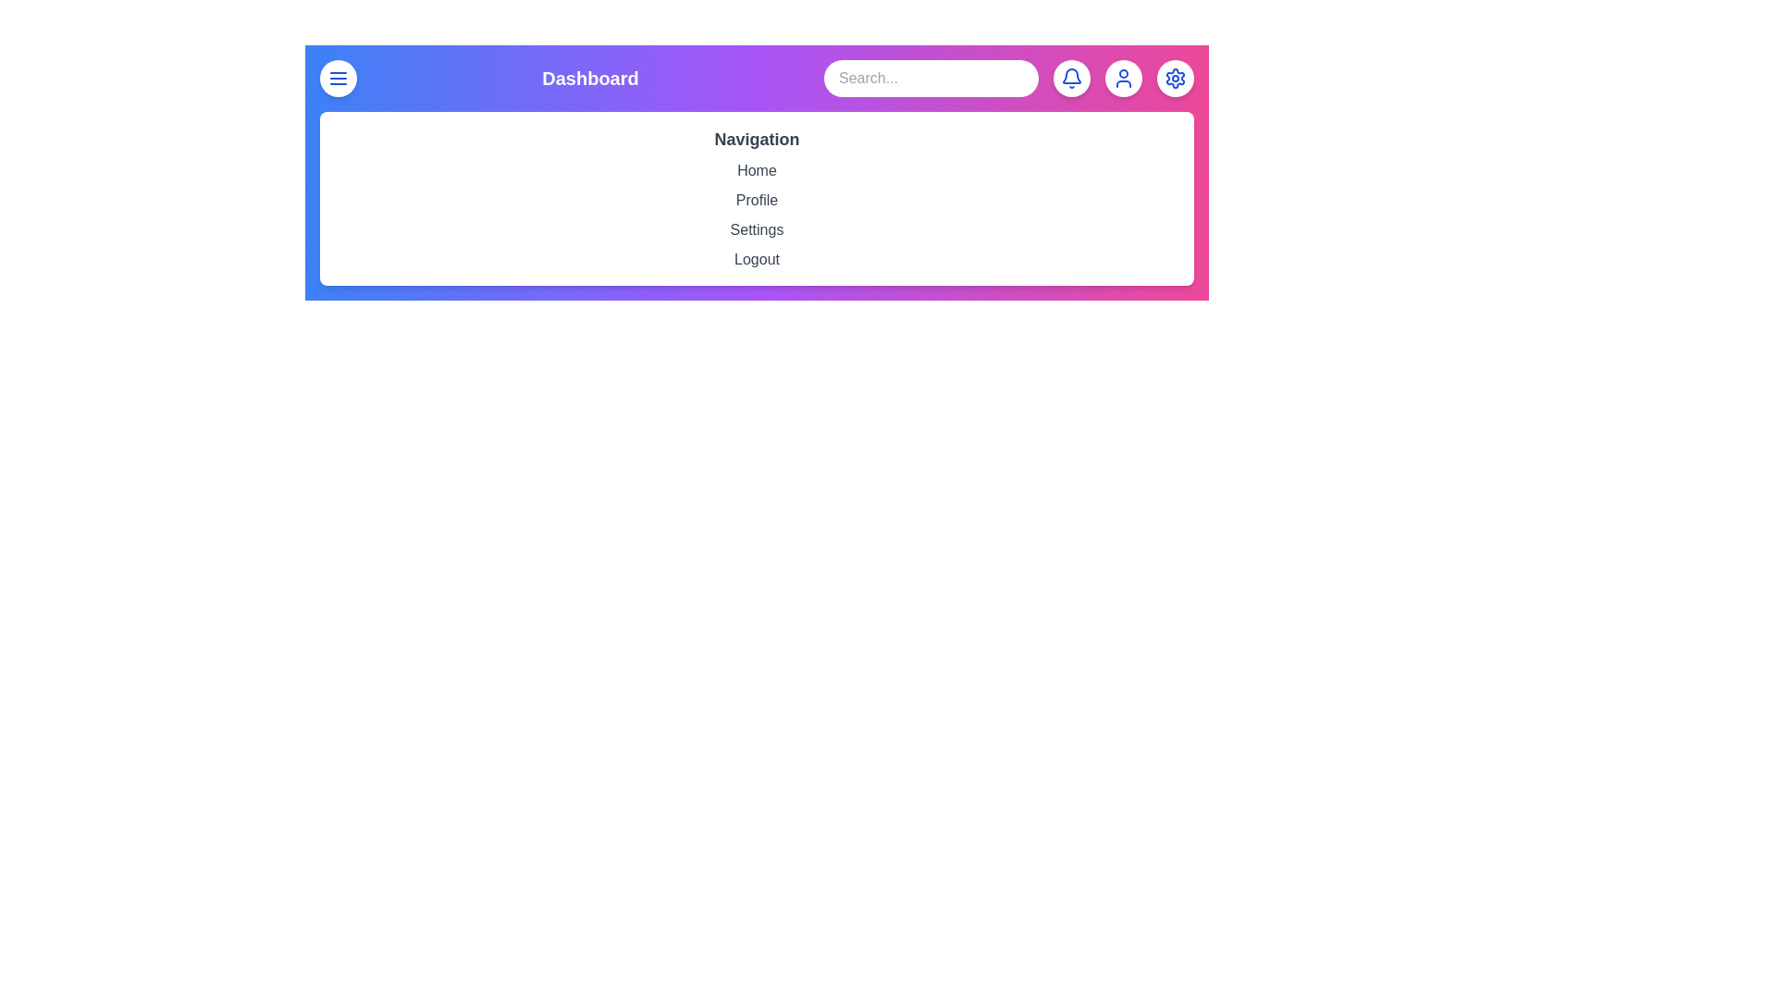 Image resolution: width=1776 pixels, height=999 pixels. Describe the element at coordinates (757, 260) in the screenshot. I see `the Logout navigation menu item` at that location.